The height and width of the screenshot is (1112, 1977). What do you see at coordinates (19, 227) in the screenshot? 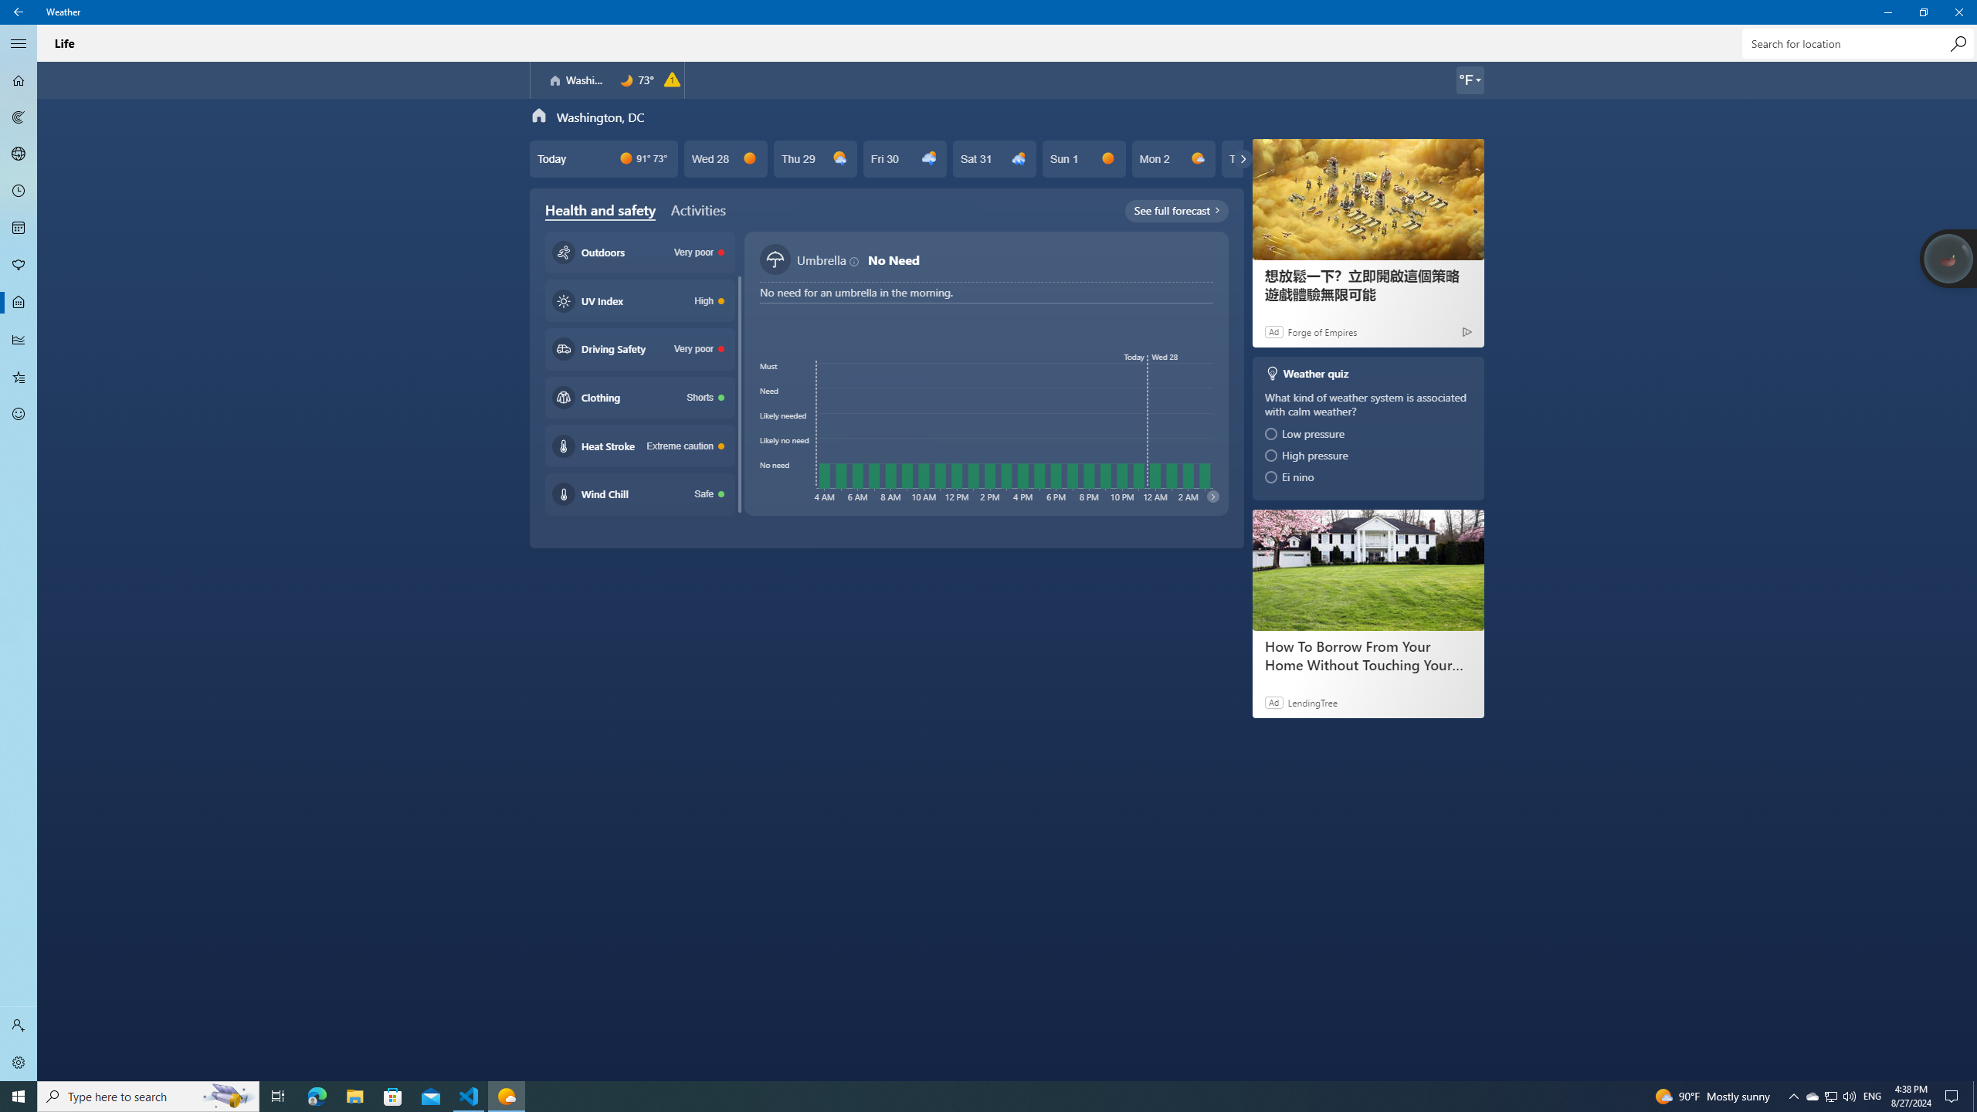
I see `'Monthly Forecast - Not Selected'` at bounding box center [19, 227].